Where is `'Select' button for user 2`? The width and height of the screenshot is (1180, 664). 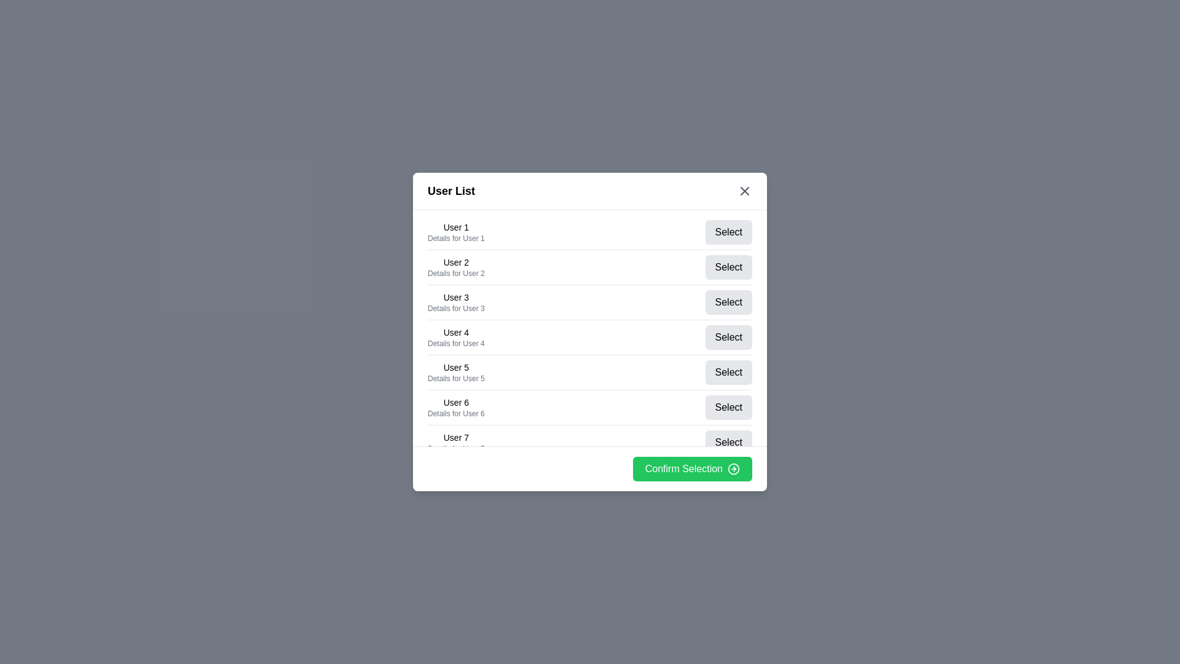
'Select' button for user 2 is located at coordinates (728, 267).